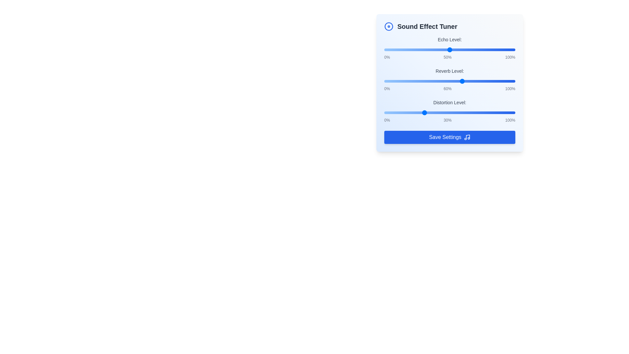 The image size is (629, 354). I want to click on the 'Echo Level' slider to 48%, so click(447, 49).